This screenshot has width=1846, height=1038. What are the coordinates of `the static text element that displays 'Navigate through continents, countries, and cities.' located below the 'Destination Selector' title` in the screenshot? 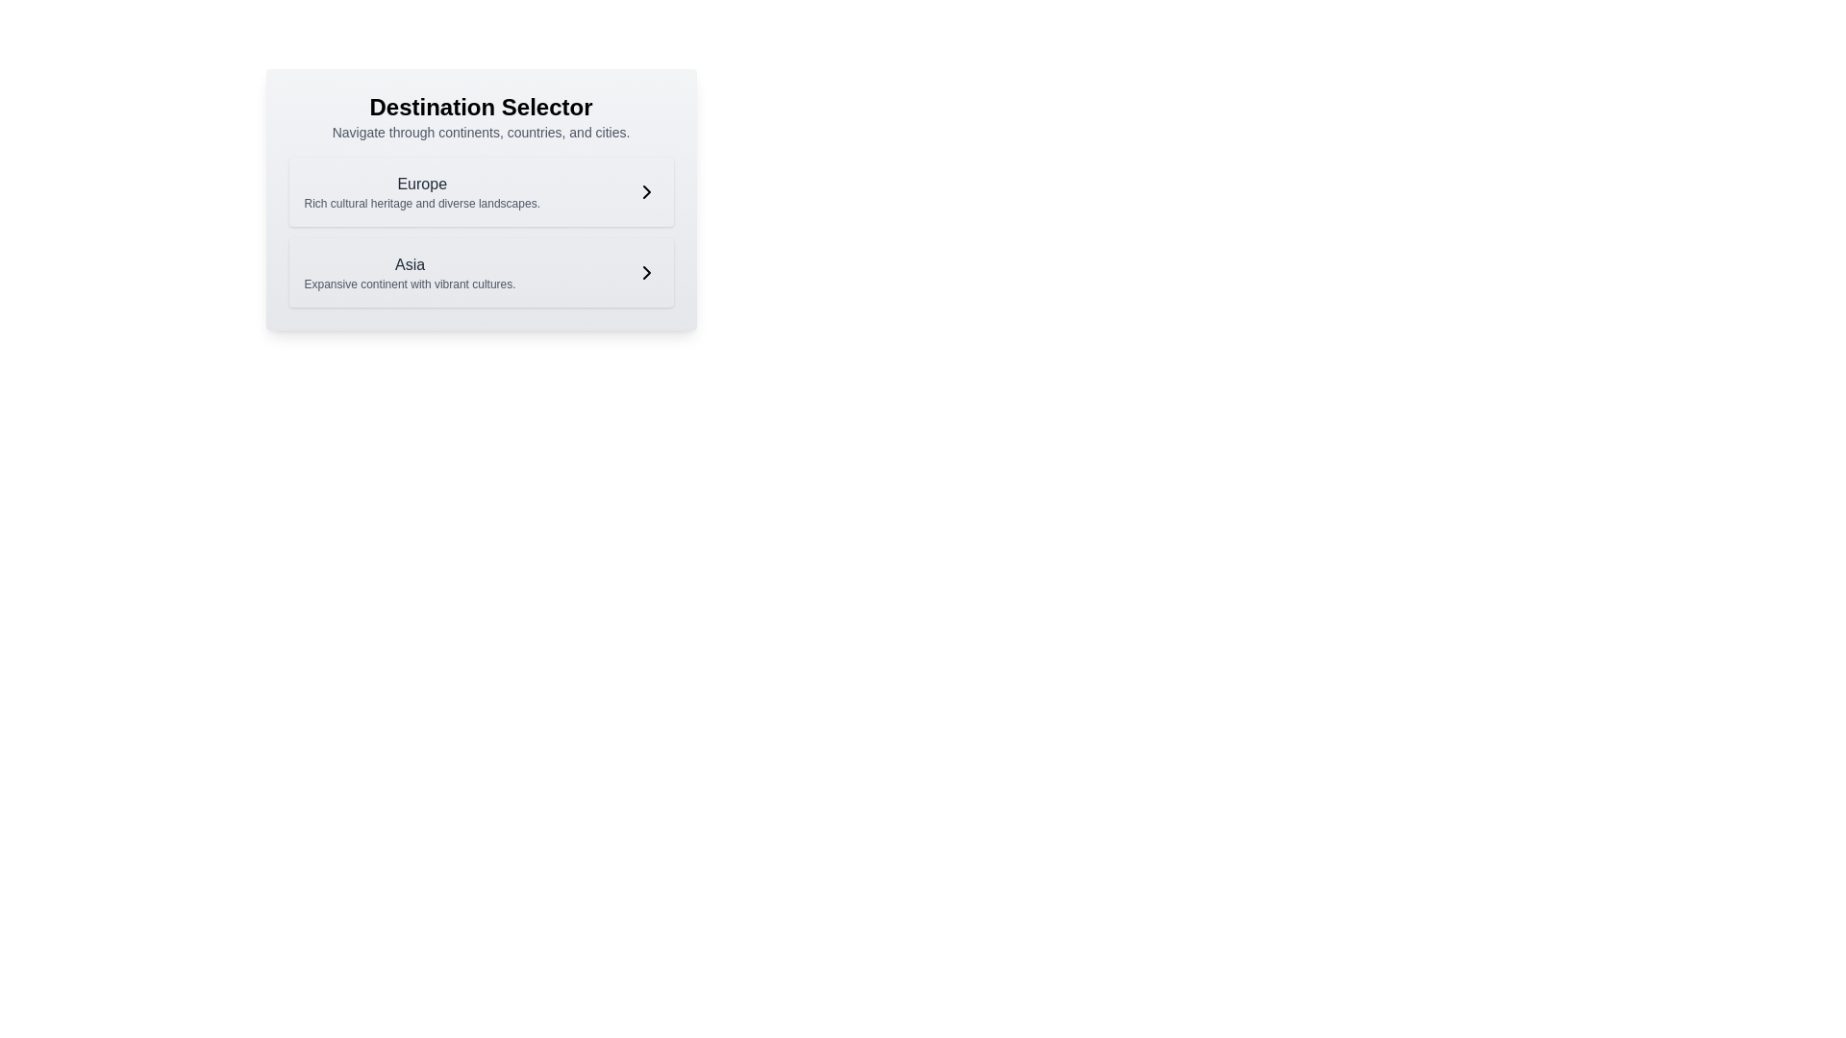 It's located at (481, 132).